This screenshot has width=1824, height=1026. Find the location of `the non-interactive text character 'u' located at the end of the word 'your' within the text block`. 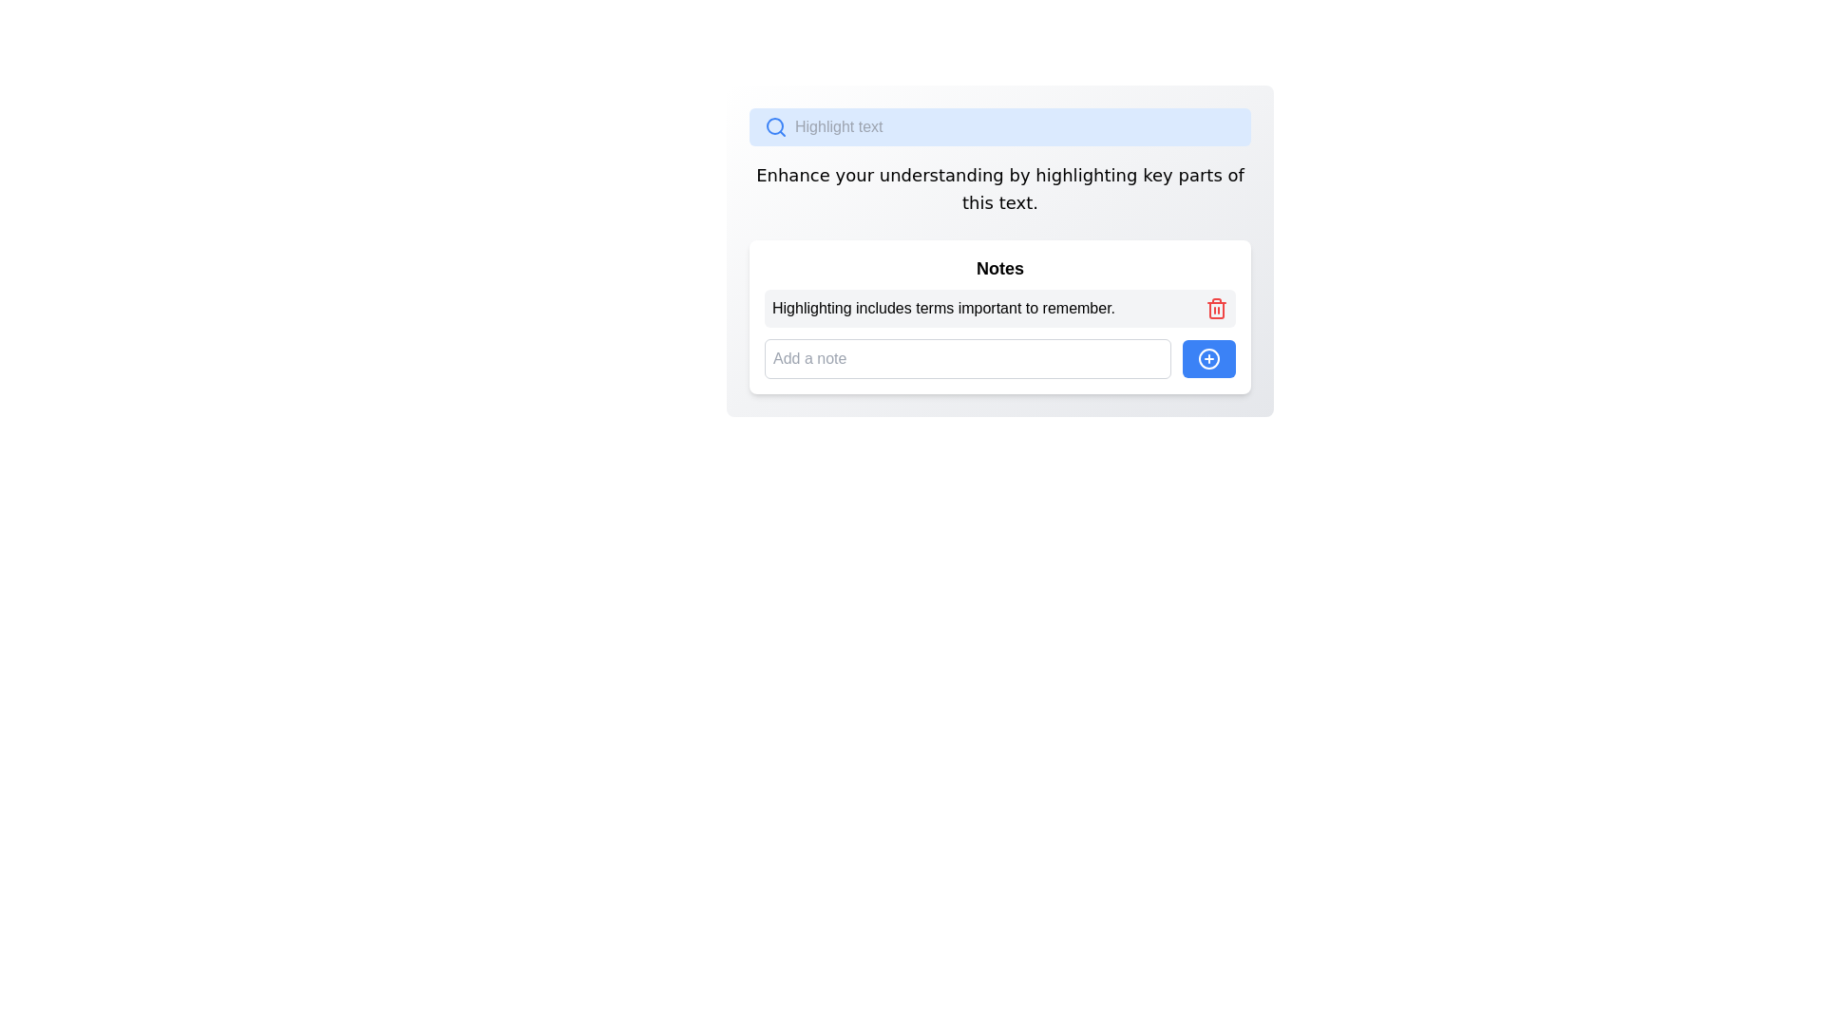

the non-interactive text character 'u' located at the end of the word 'your' within the text block is located at coordinates (883, 175).